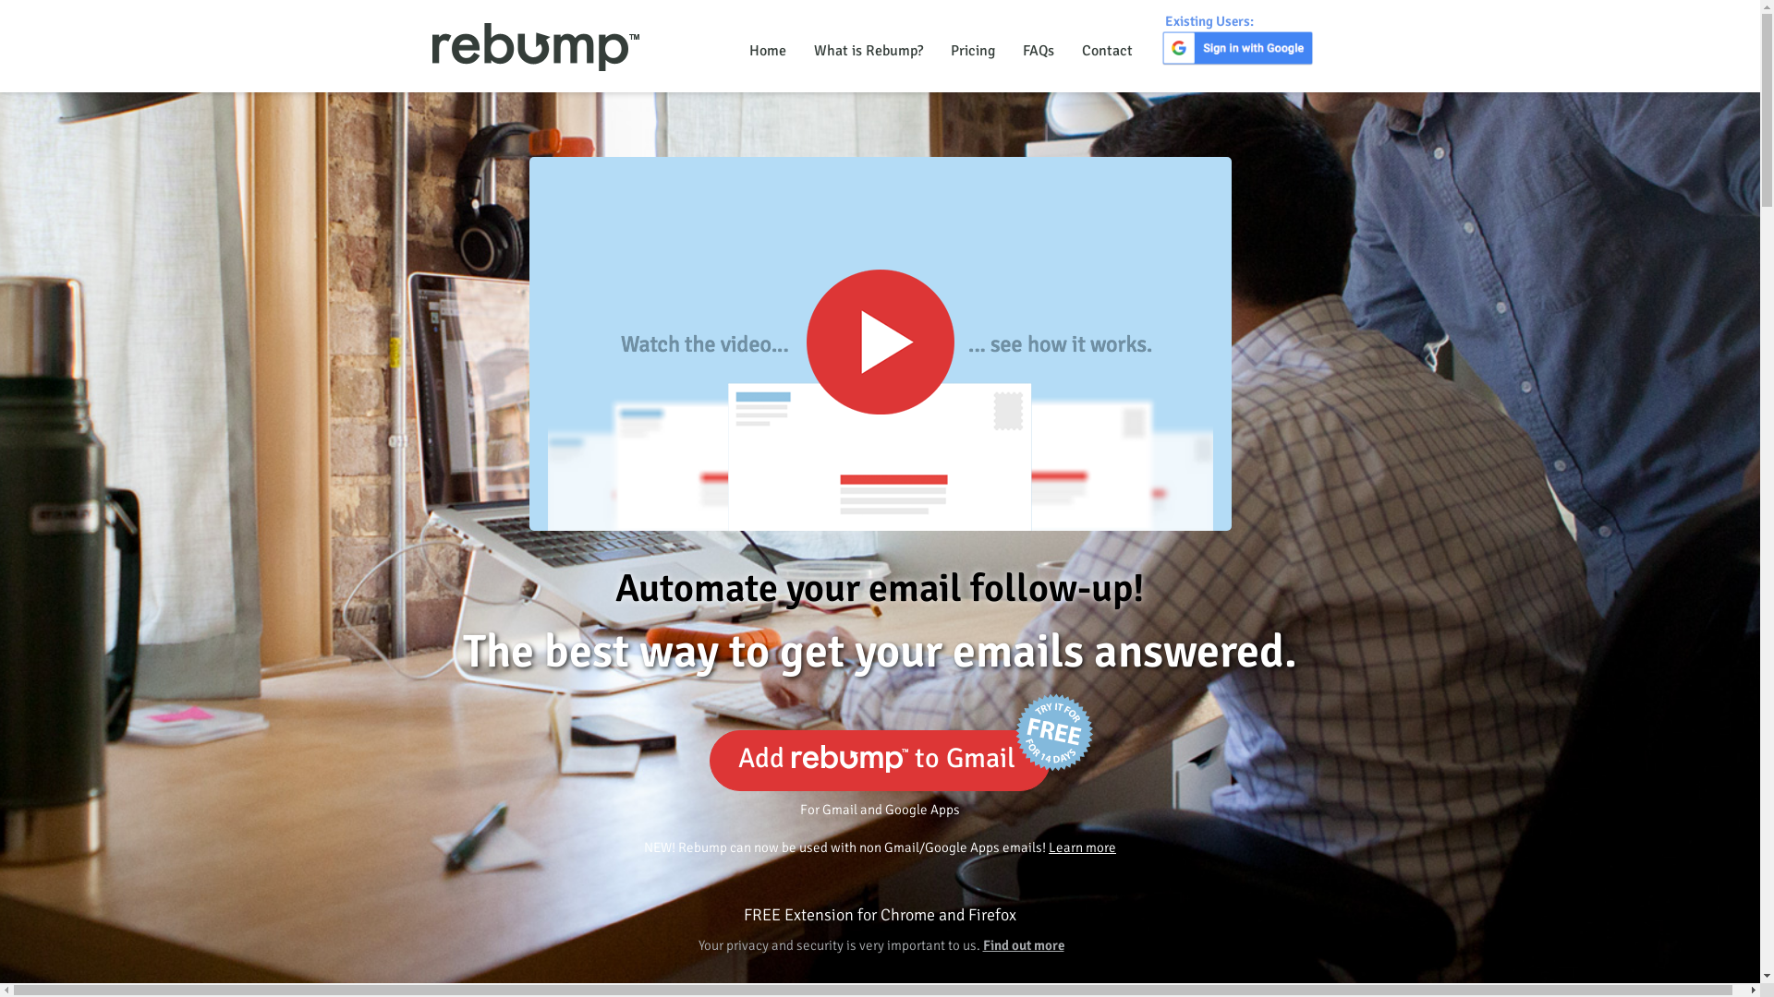 This screenshot has height=997, width=1774. I want to click on 'Pricing', so click(971, 49).